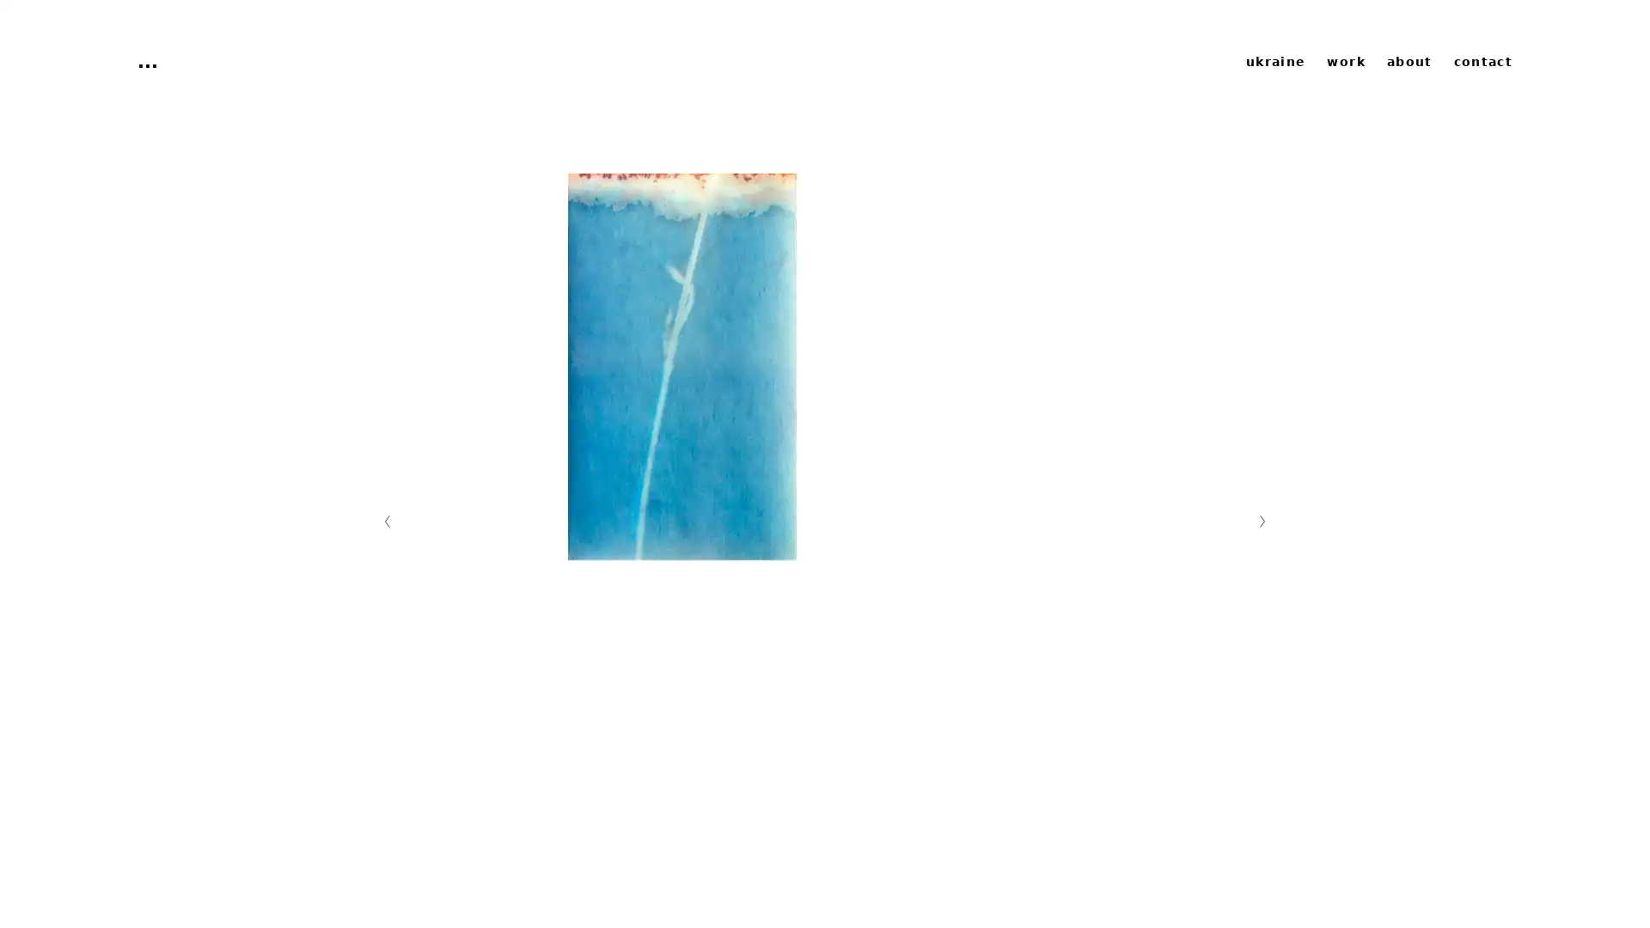  I want to click on Vorherige Folie, so click(386, 520).